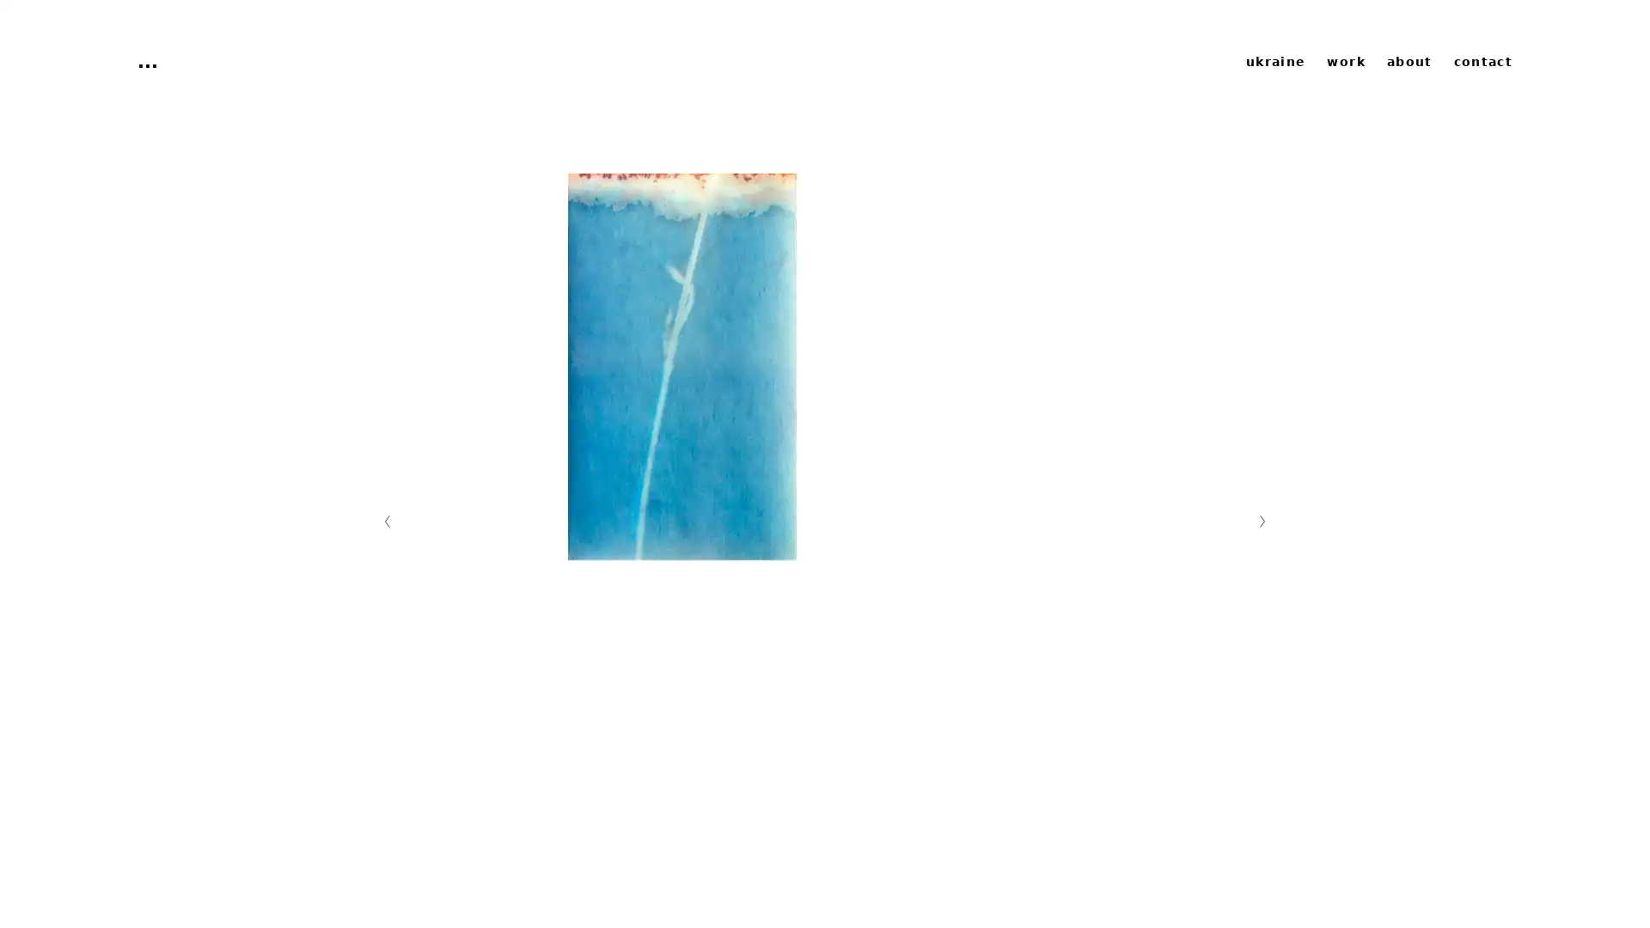  I want to click on Vorherige Folie, so click(386, 520).